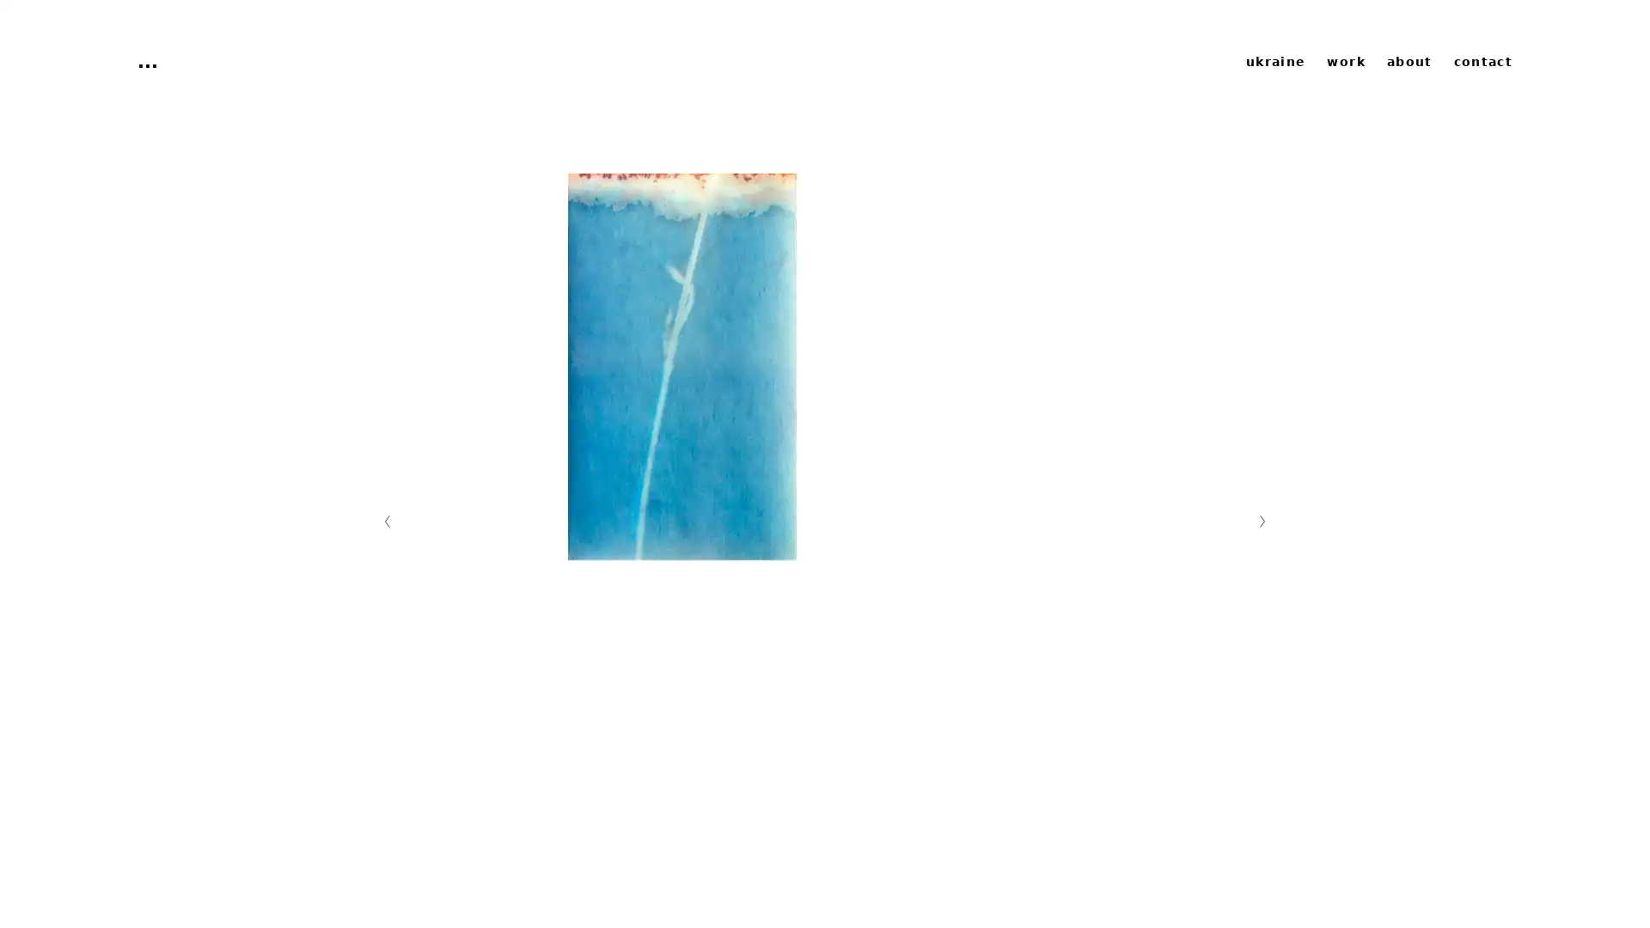  I want to click on Vorherige Folie, so click(386, 520).